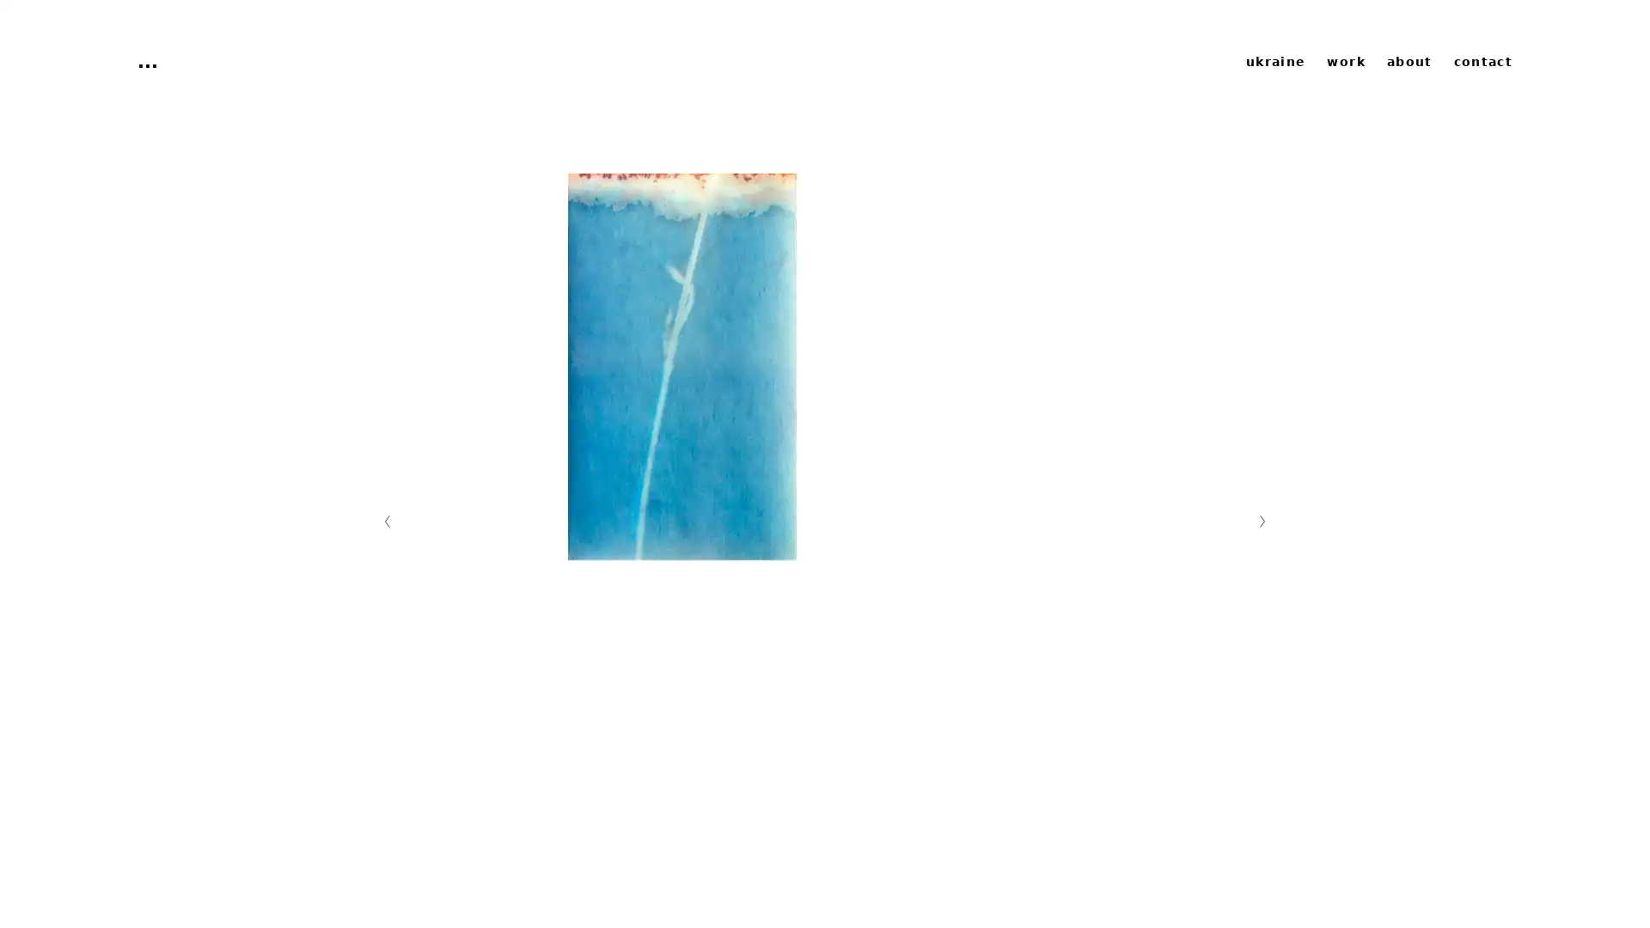  I want to click on Vorherige Folie, so click(386, 520).